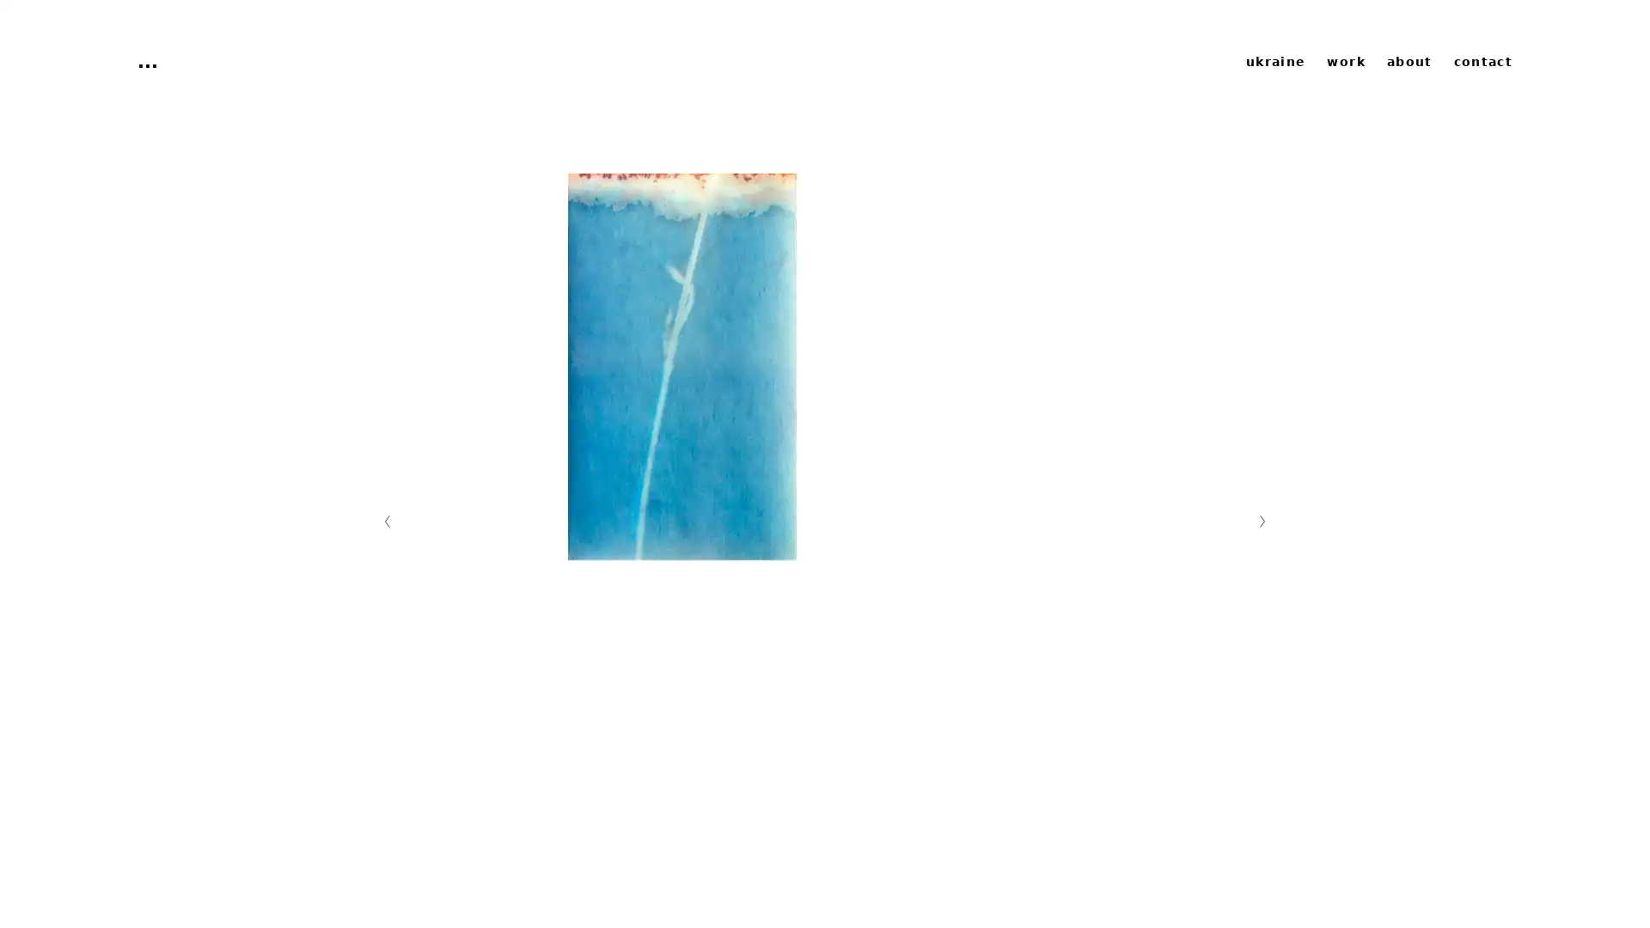  I want to click on Vorherige Folie, so click(386, 520).